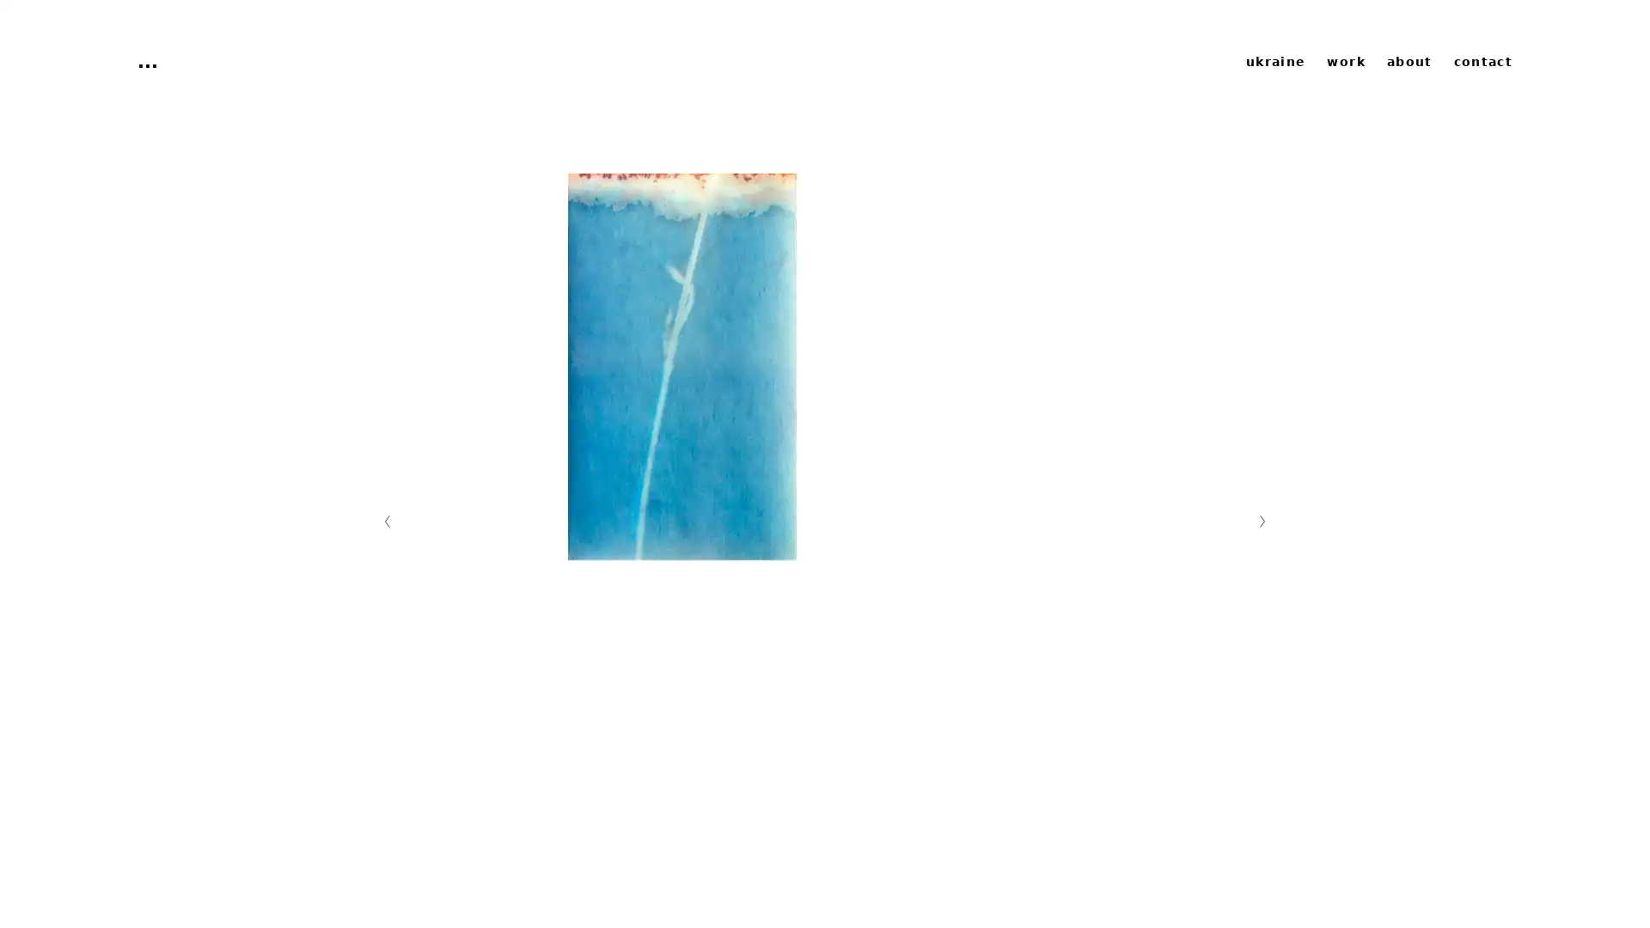  I want to click on Vorherige Folie, so click(386, 520).